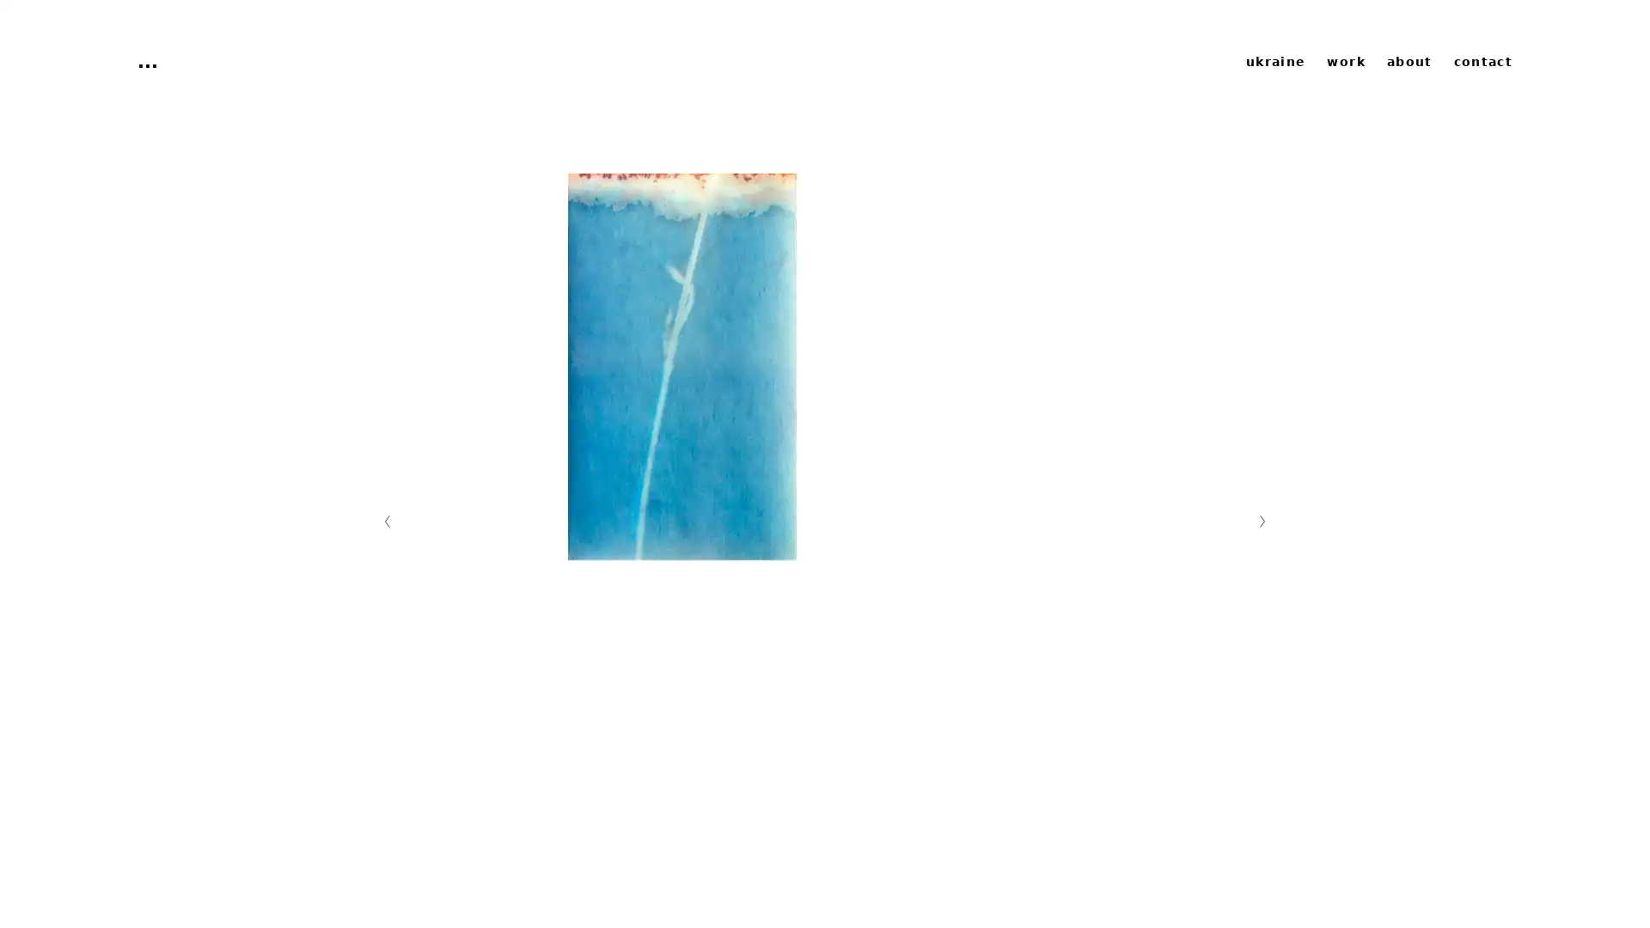  I want to click on Vorherige Folie, so click(386, 520).